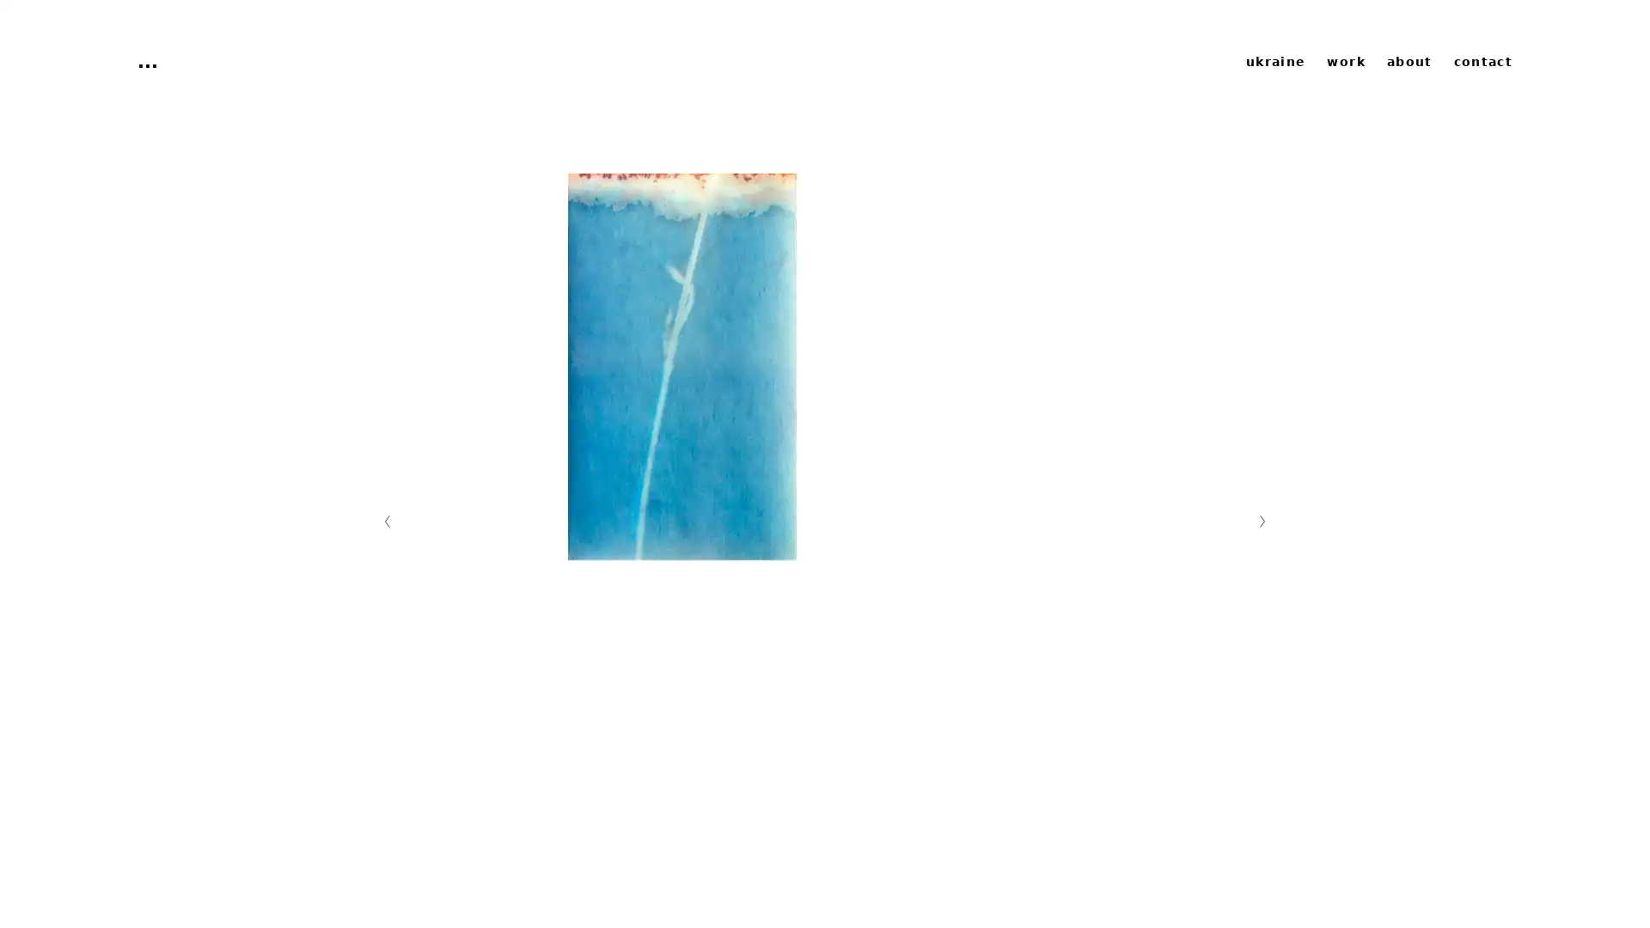  I want to click on Vorherige Folie, so click(386, 520).